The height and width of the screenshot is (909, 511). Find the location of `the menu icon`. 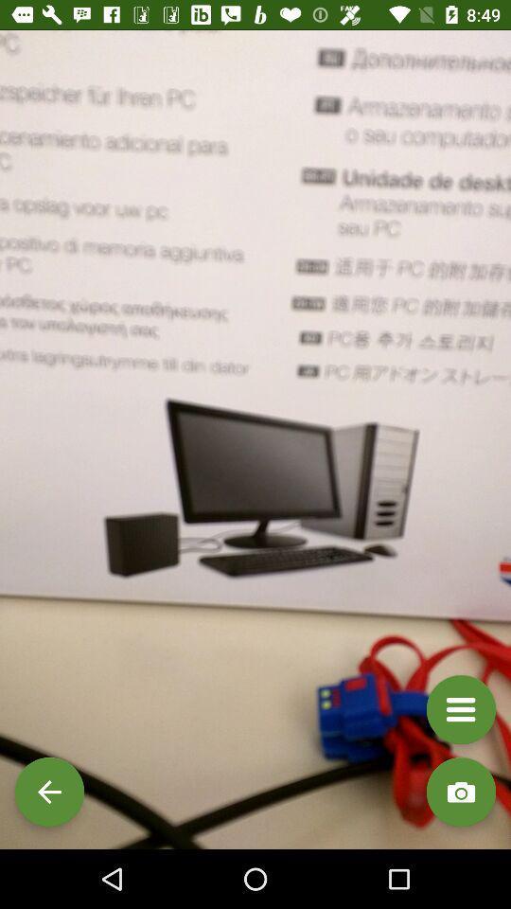

the menu icon is located at coordinates (460, 708).